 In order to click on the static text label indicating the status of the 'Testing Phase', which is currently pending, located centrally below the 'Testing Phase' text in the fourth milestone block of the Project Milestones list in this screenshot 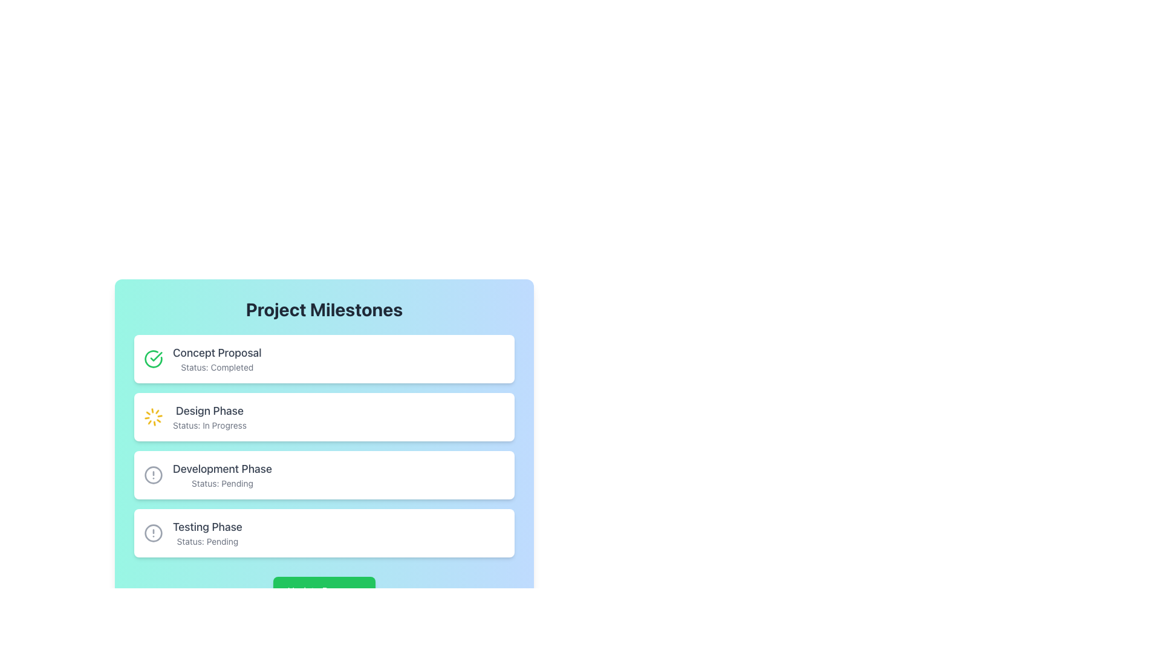, I will do `click(207, 541)`.